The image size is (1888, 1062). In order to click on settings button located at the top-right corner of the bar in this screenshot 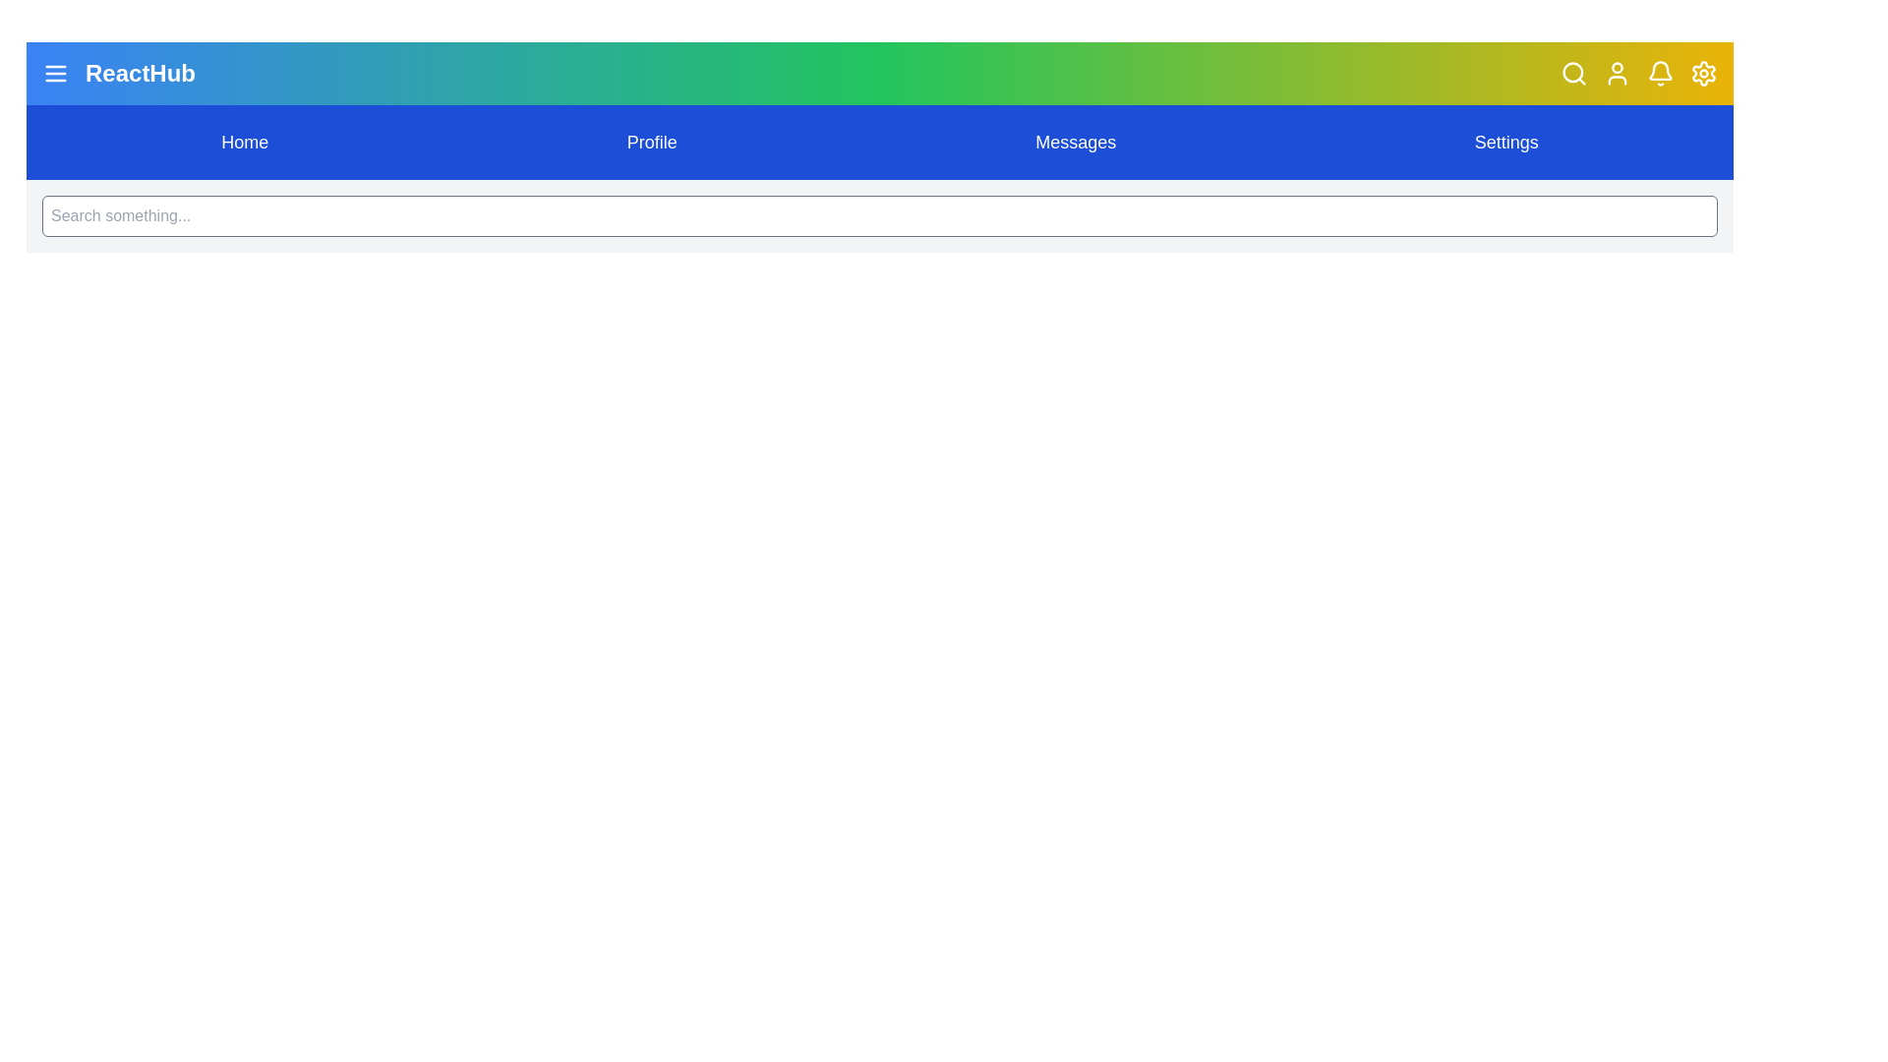, I will do `click(1702, 72)`.